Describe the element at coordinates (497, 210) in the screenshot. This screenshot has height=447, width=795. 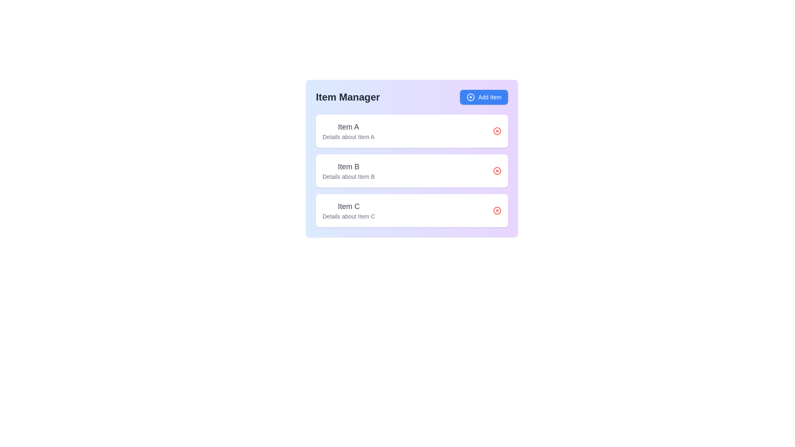
I see `delete button for the item with name Item C` at that location.